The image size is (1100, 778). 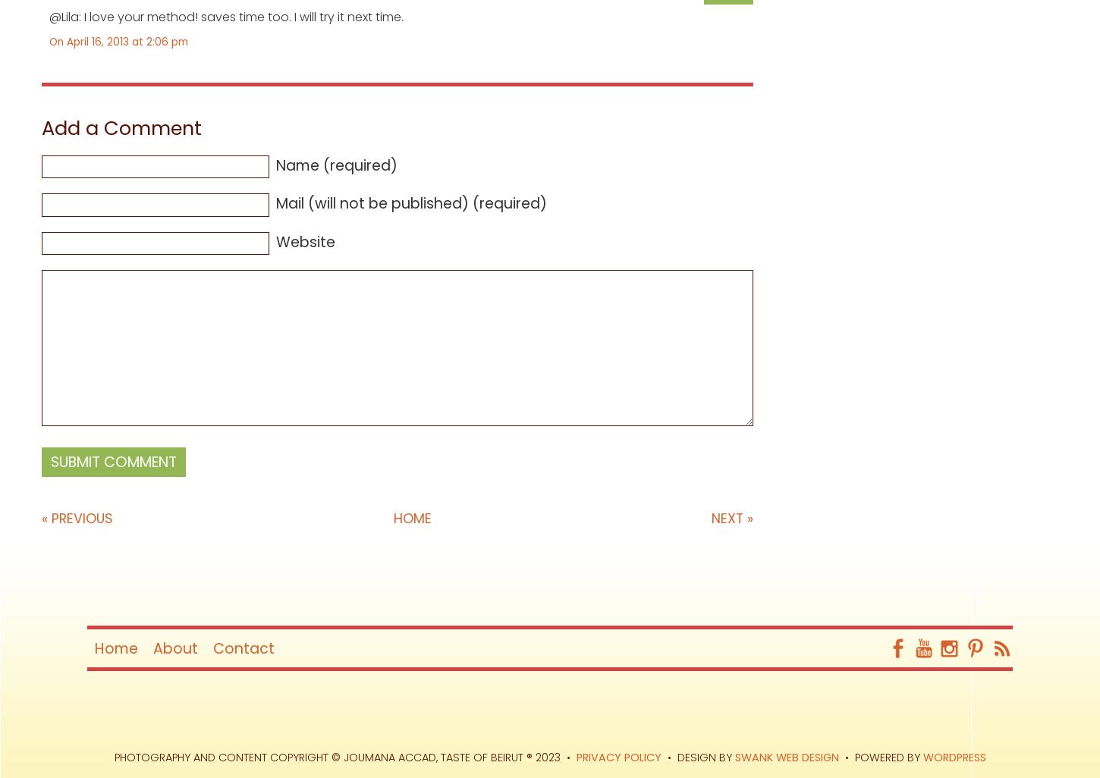 What do you see at coordinates (335, 757) in the screenshot?
I see `'Photography and Content Copyright © Joumana Accad, Taste of Beirut ® 2023'` at bounding box center [335, 757].